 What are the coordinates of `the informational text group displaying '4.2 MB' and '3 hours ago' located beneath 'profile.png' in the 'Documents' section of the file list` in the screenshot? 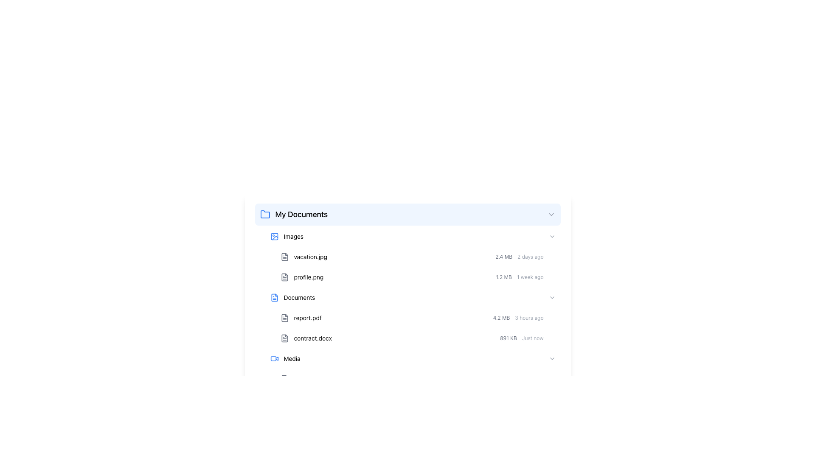 It's located at (524, 318).